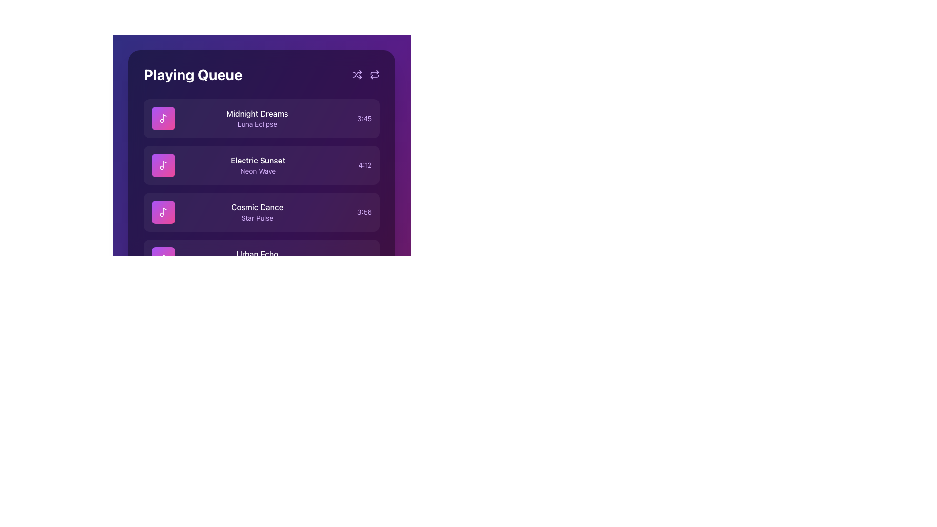 Image resolution: width=937 pixels, height=527 pixels. What do you see at coordinates (364, 212) in the screenshot?
I see `the label indicating the duration of the associated item in the 'Playing Queue' interface, which is the third element in a horizontal layout group positioned to the far right` at bounding box center [364, 212].